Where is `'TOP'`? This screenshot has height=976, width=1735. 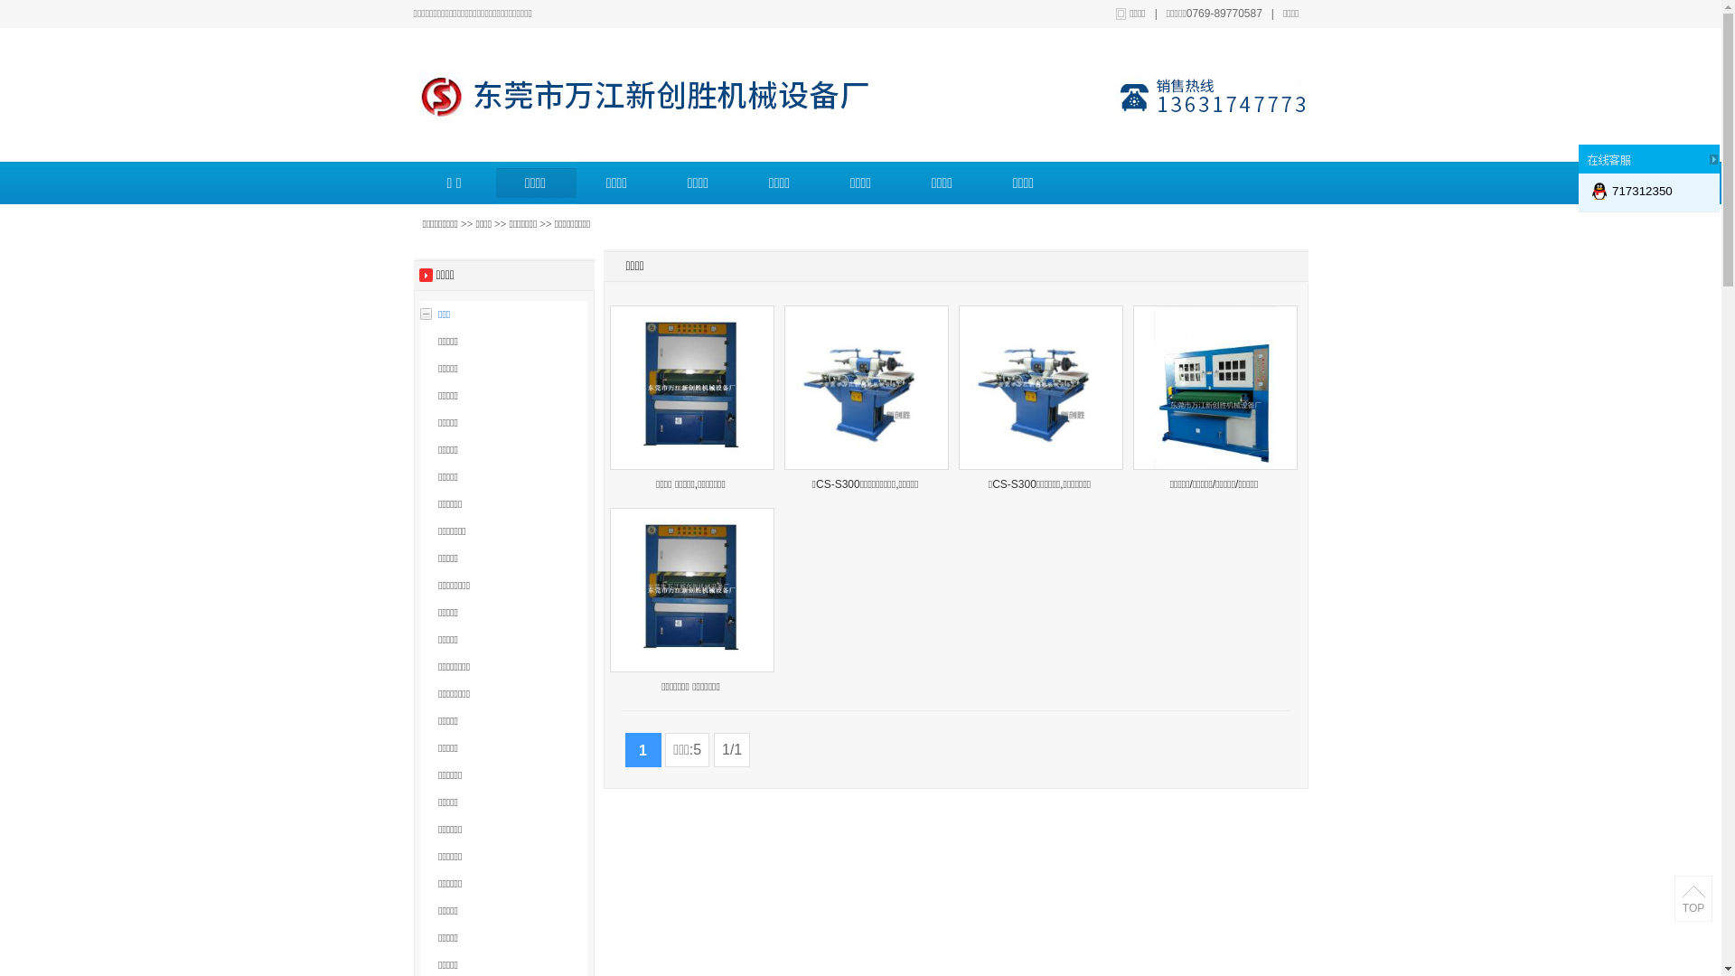
'TOP' is located at coordinates (1692, 899).